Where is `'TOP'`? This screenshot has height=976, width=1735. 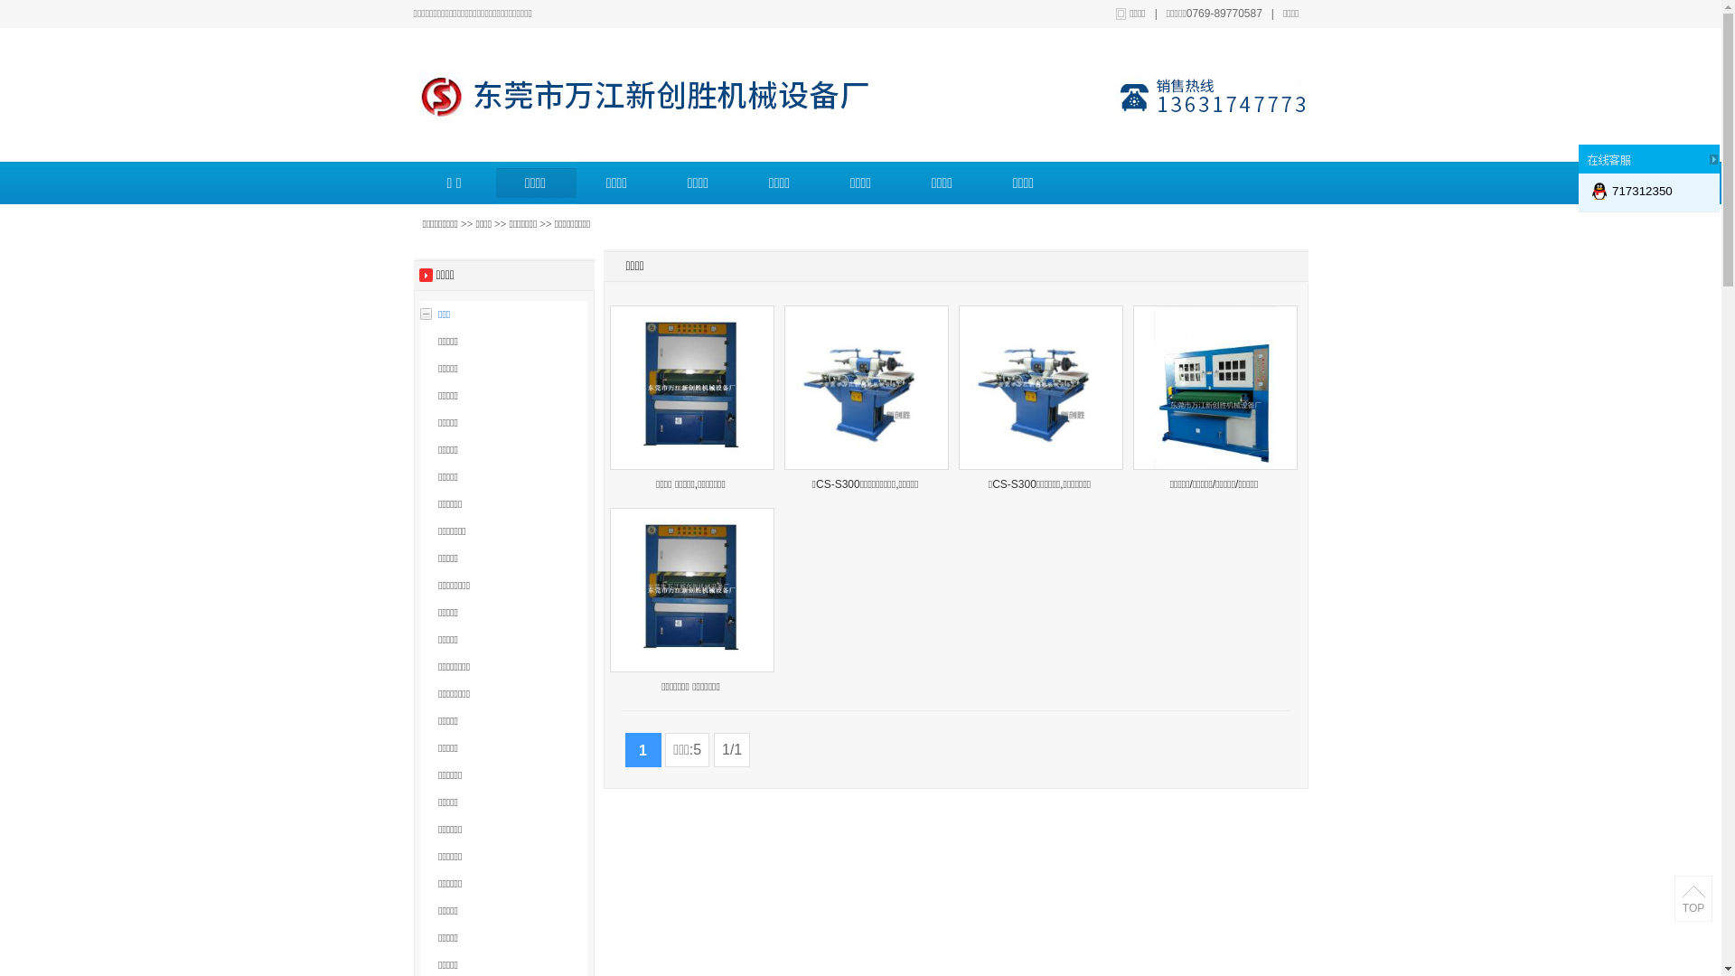
'TOP' is located at coordinates (1692, 899).